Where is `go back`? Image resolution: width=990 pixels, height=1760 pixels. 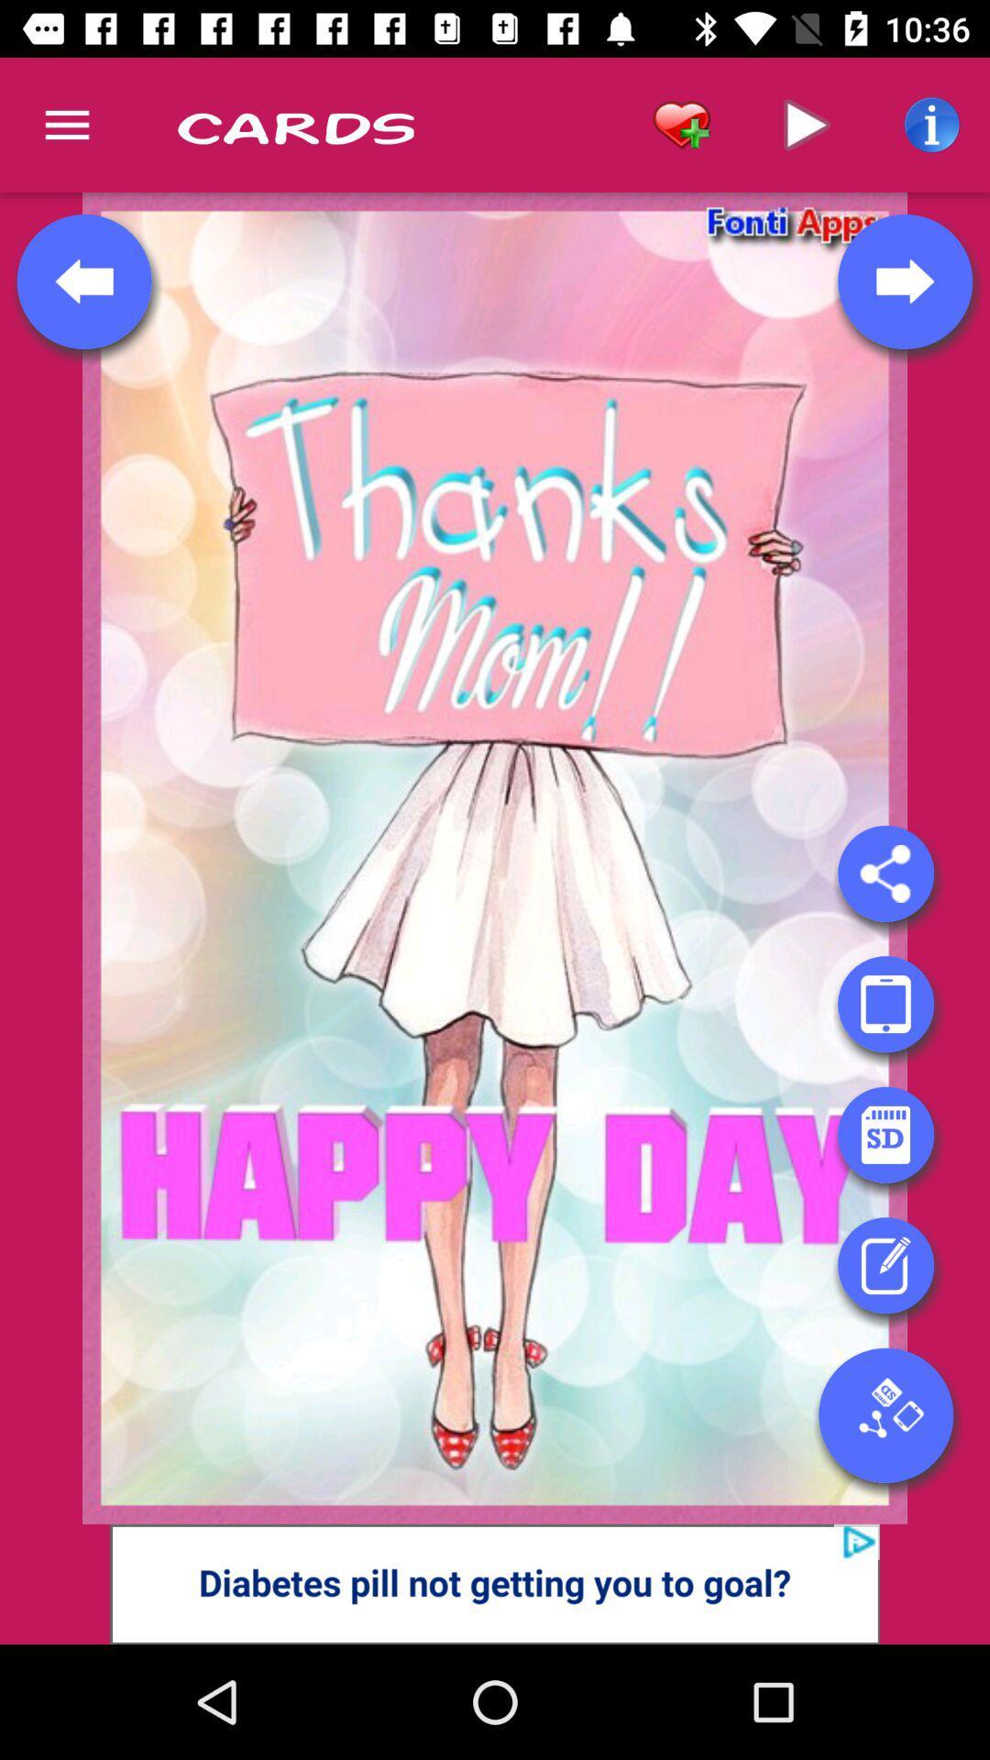
go back is located at coordinates (84, 280).